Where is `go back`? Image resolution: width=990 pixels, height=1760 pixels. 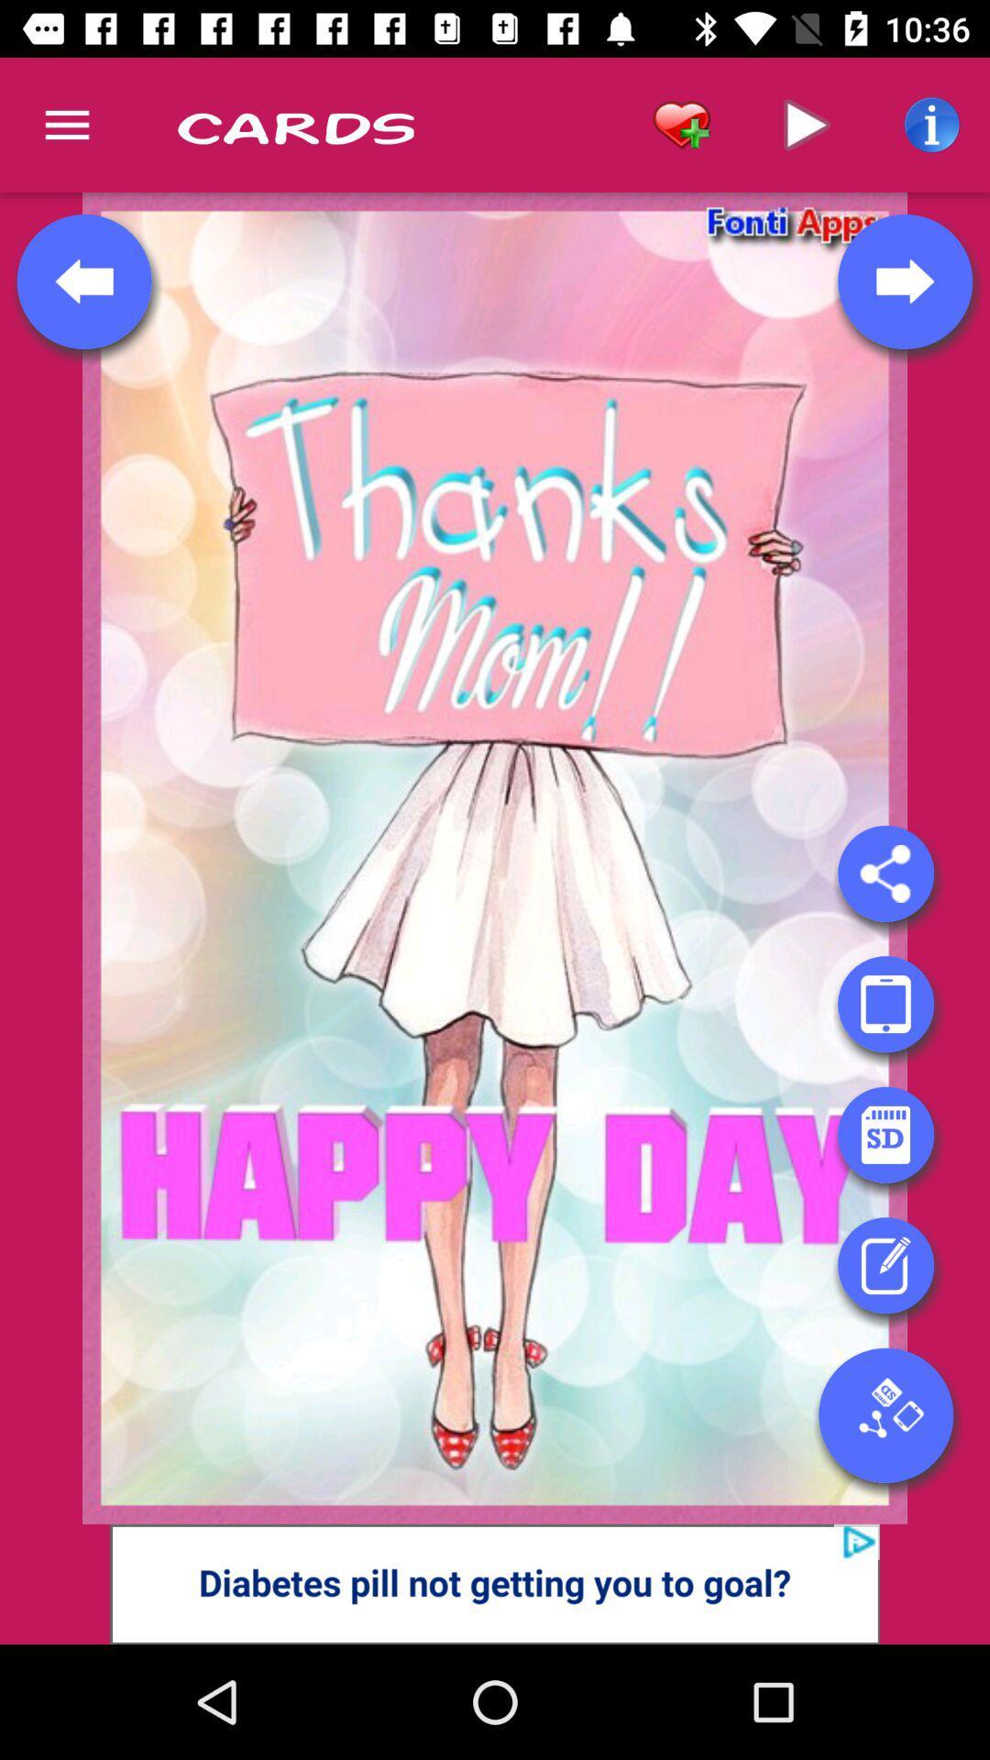
go back is located at coordinates (84, 280).